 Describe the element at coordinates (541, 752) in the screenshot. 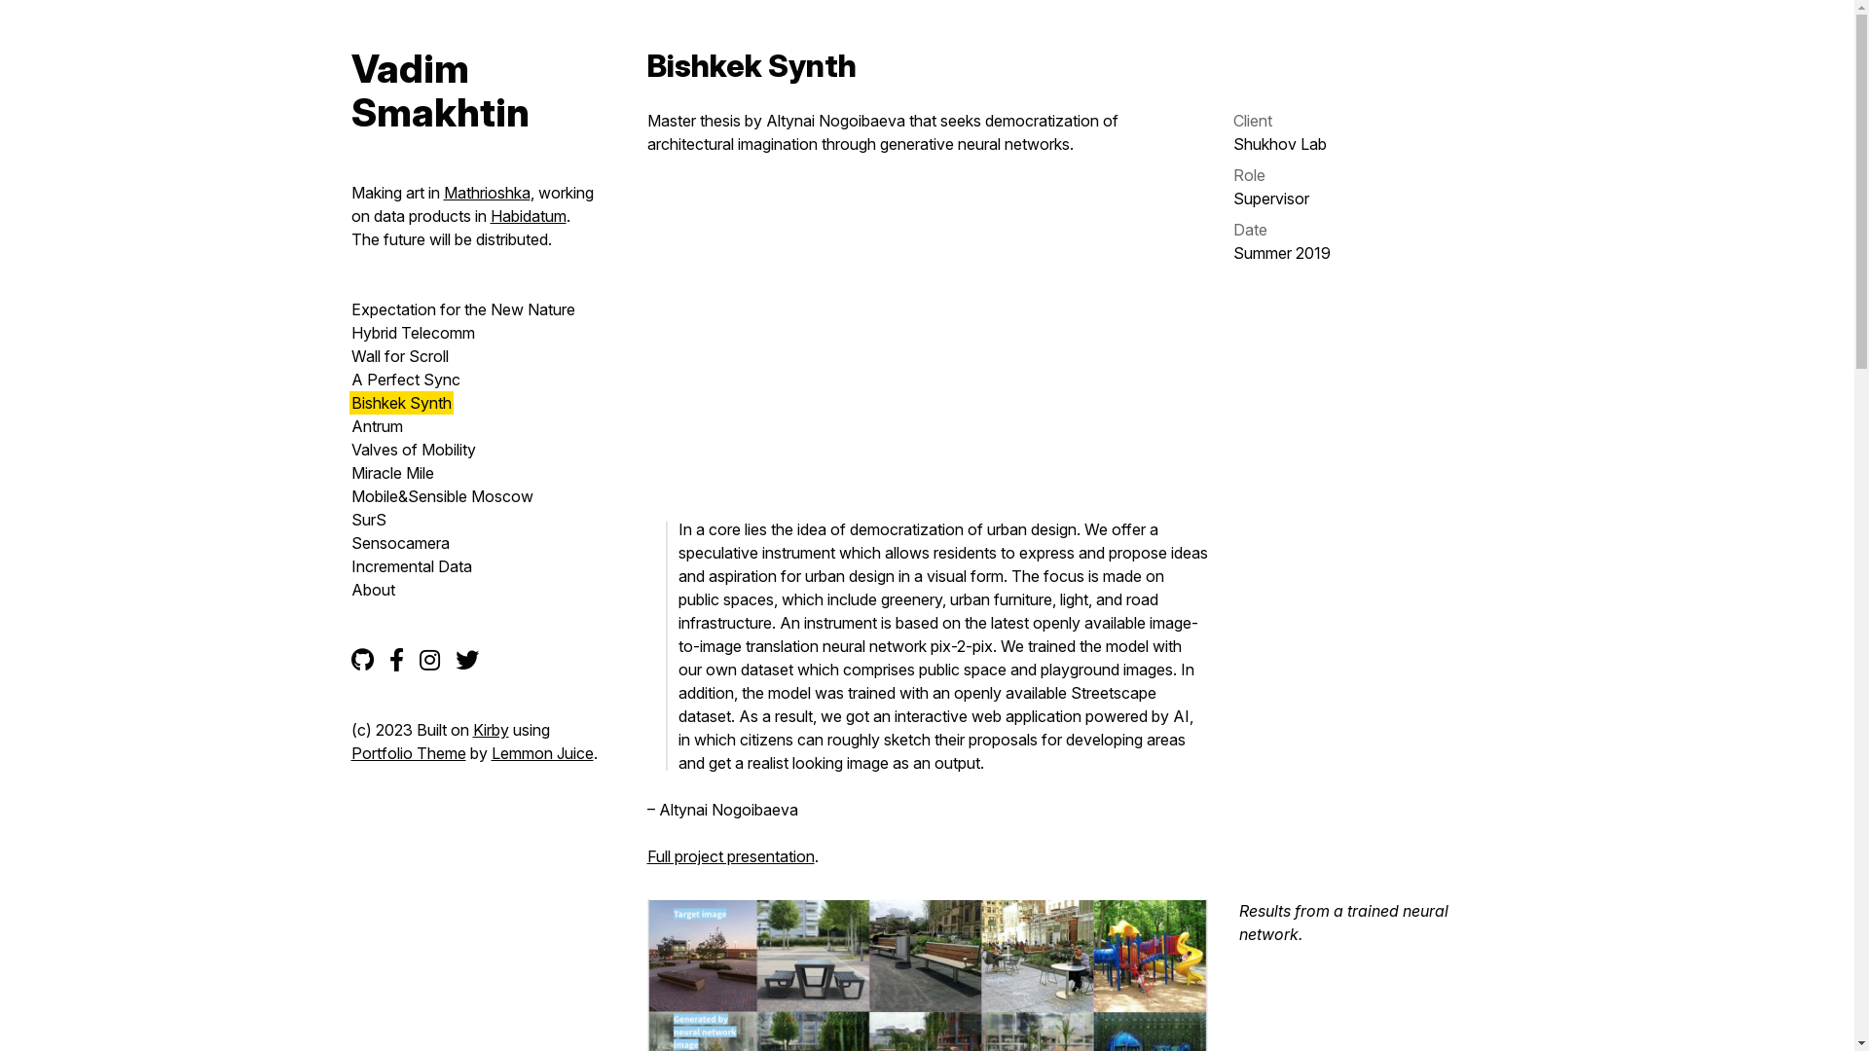

I see `'Lemmon Juice'` at that location.